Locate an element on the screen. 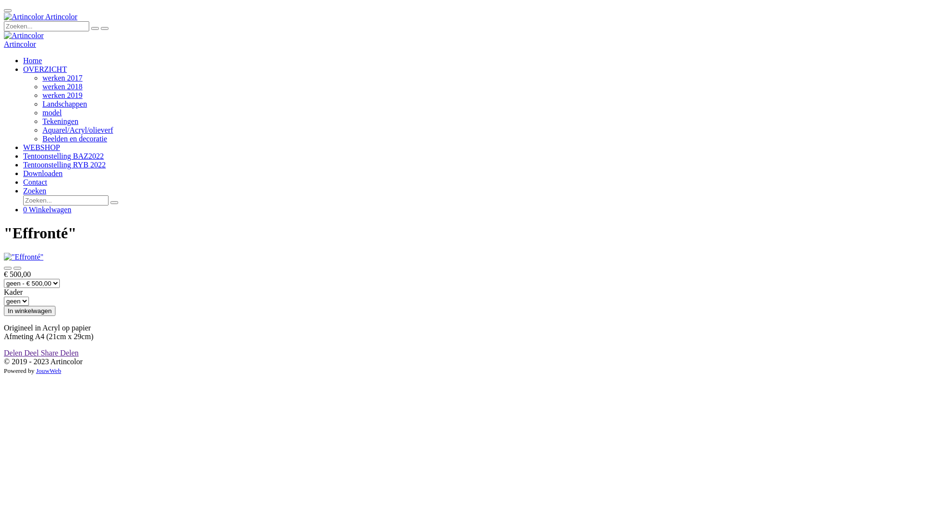  'WEBSHOP' is located at coordinates (23, 147).